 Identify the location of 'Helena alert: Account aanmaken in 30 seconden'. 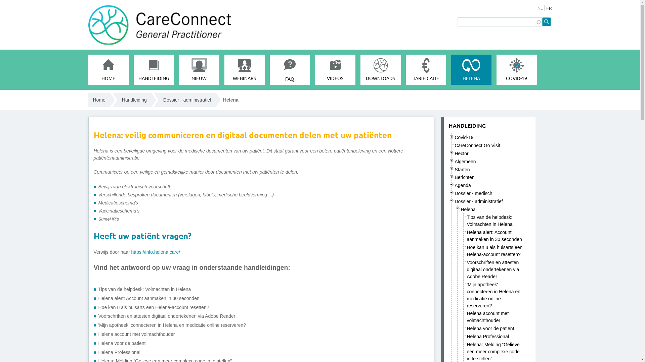
(494, 235).